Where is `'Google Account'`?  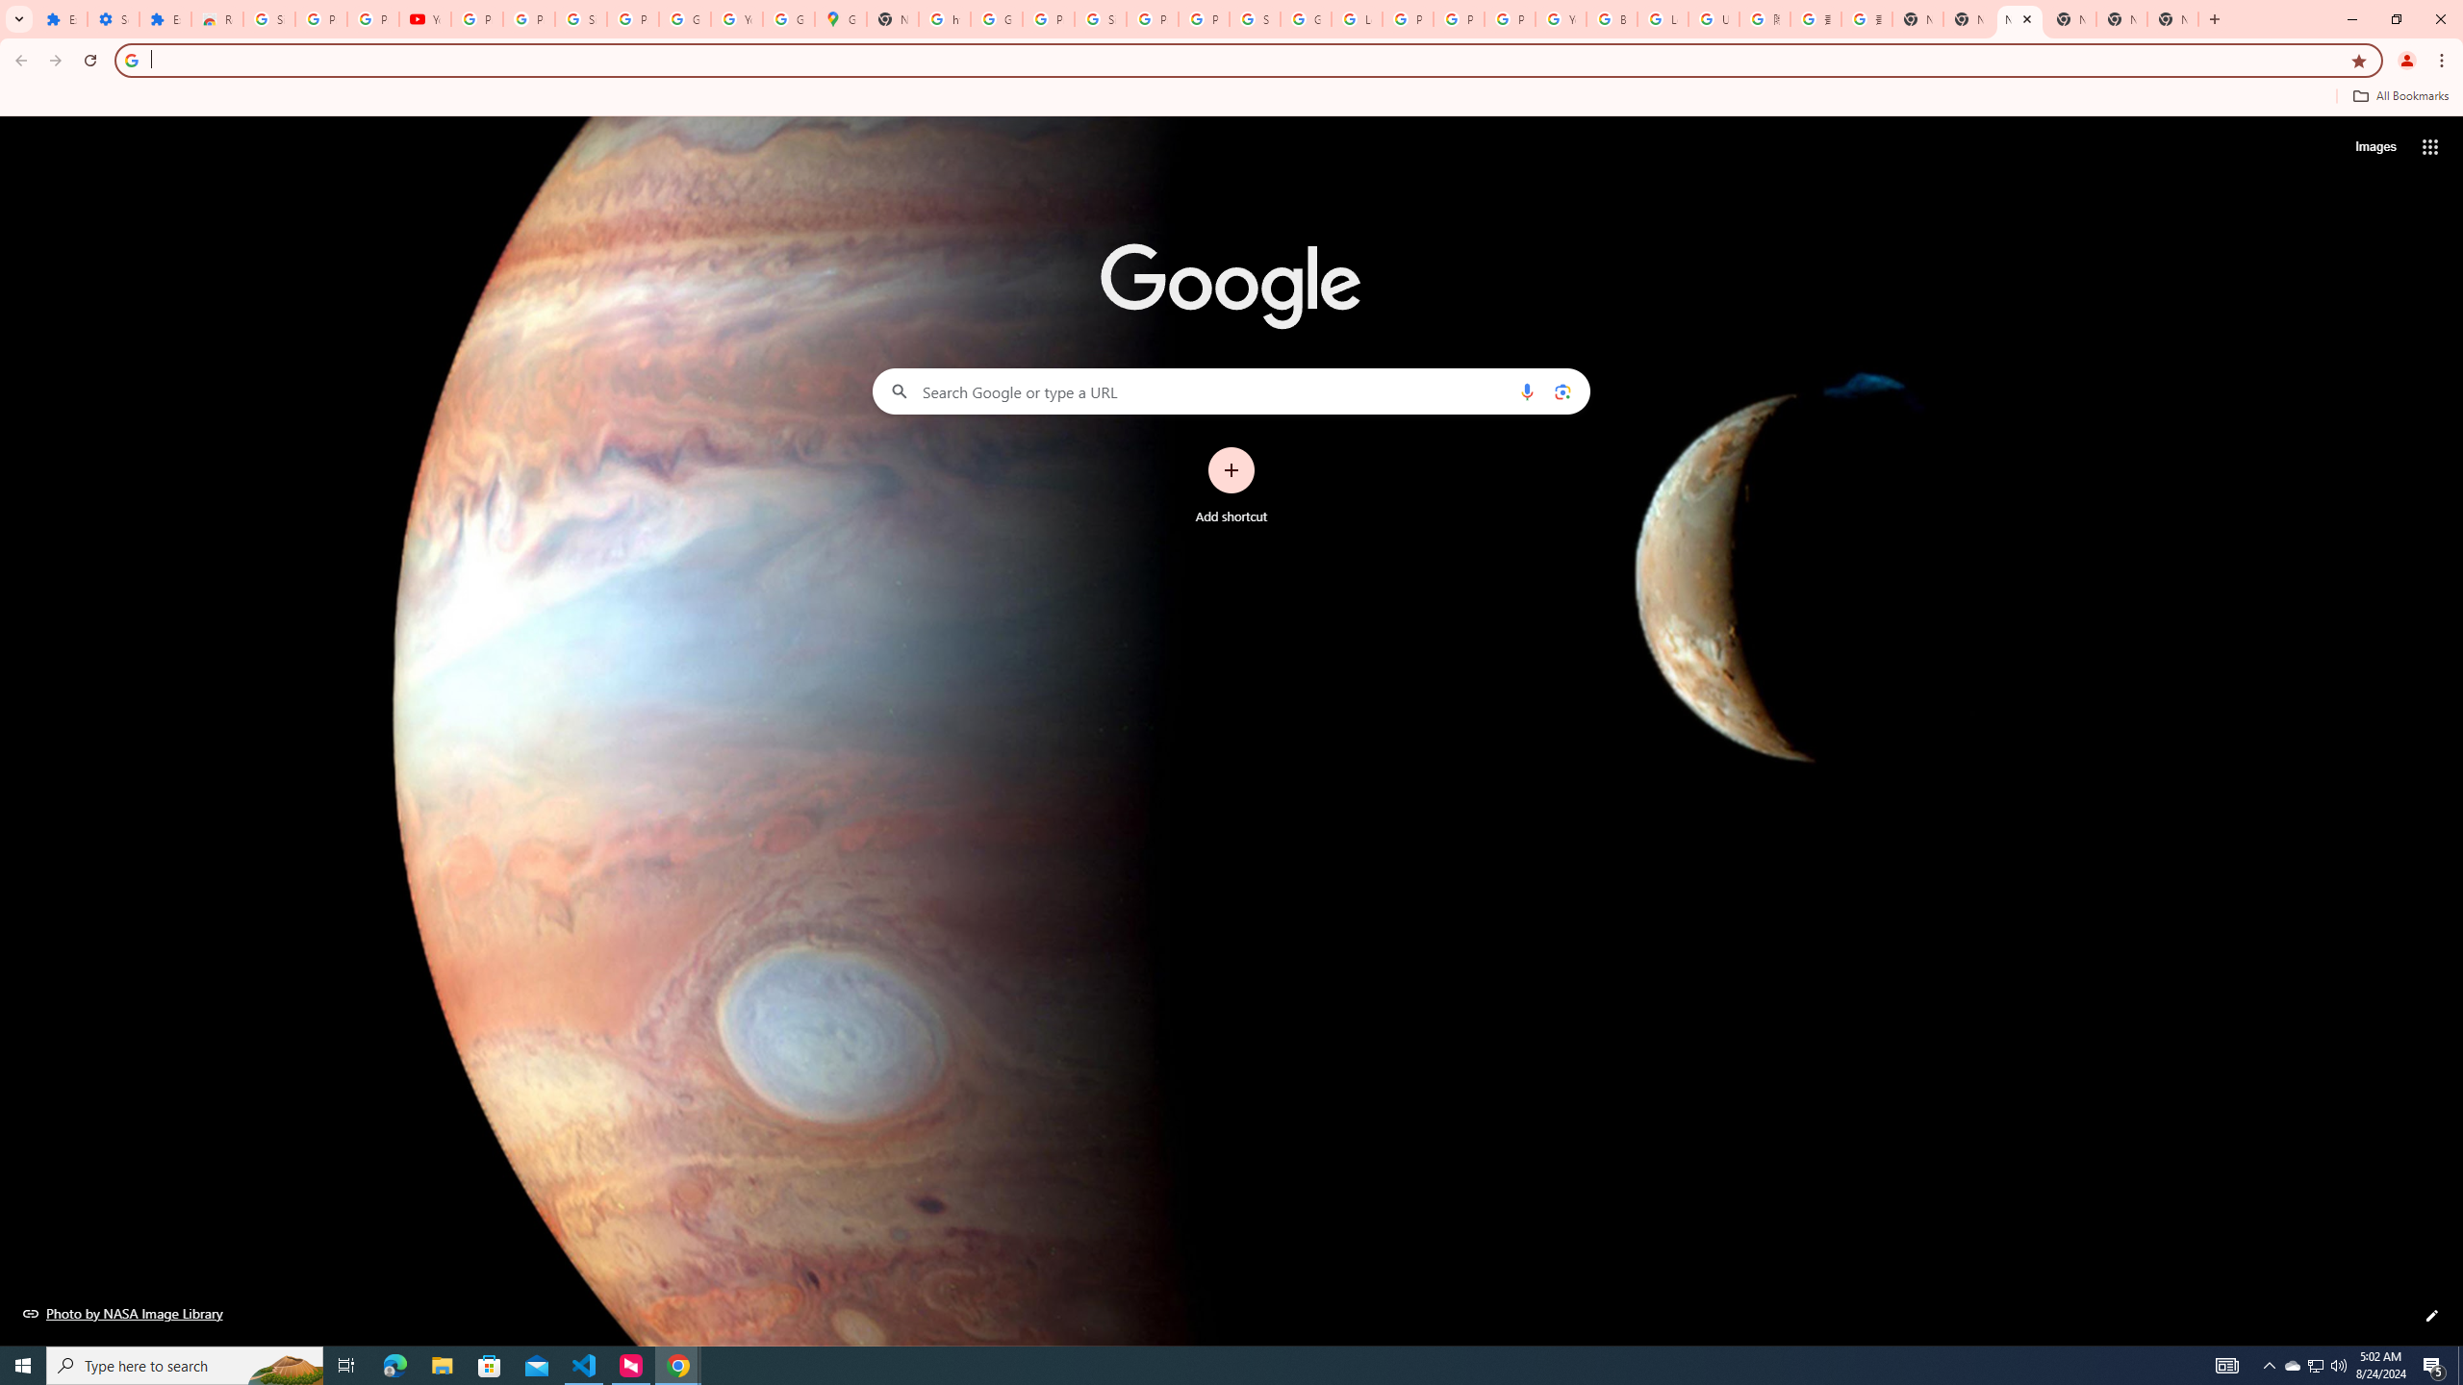 'Google Account' is located at coordinates (683, 18).